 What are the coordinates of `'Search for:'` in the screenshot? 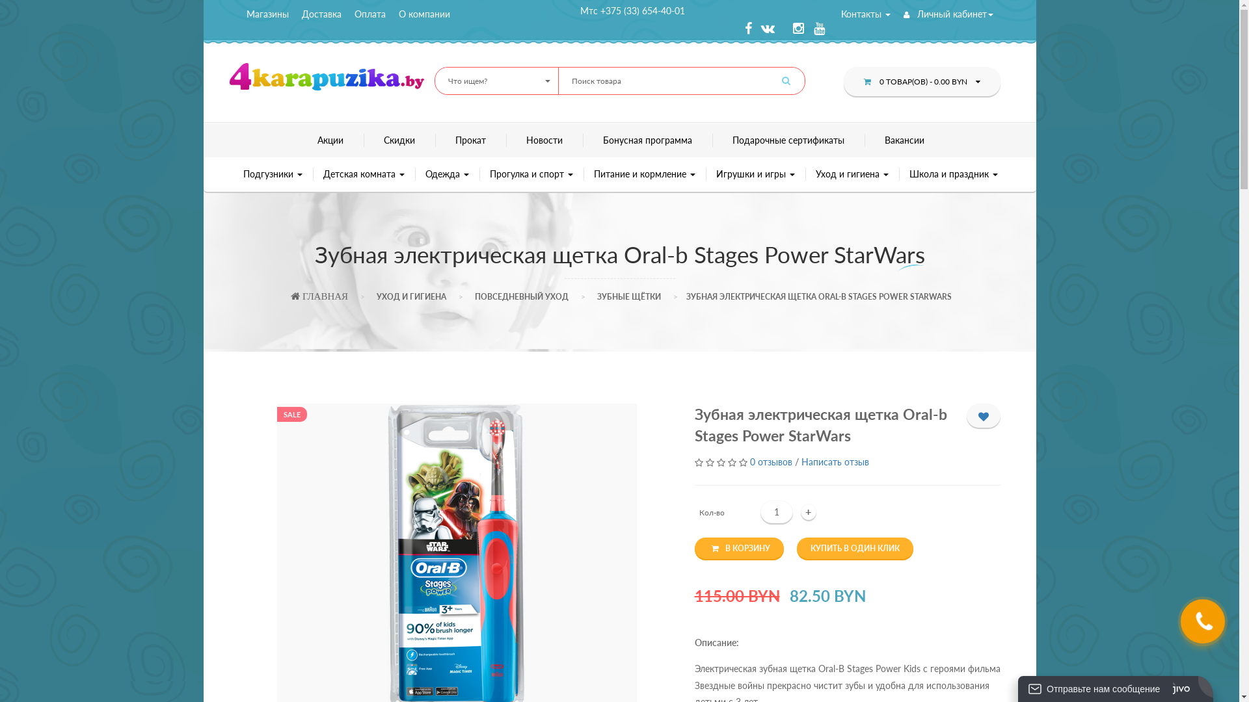 It's located at (680, 81).